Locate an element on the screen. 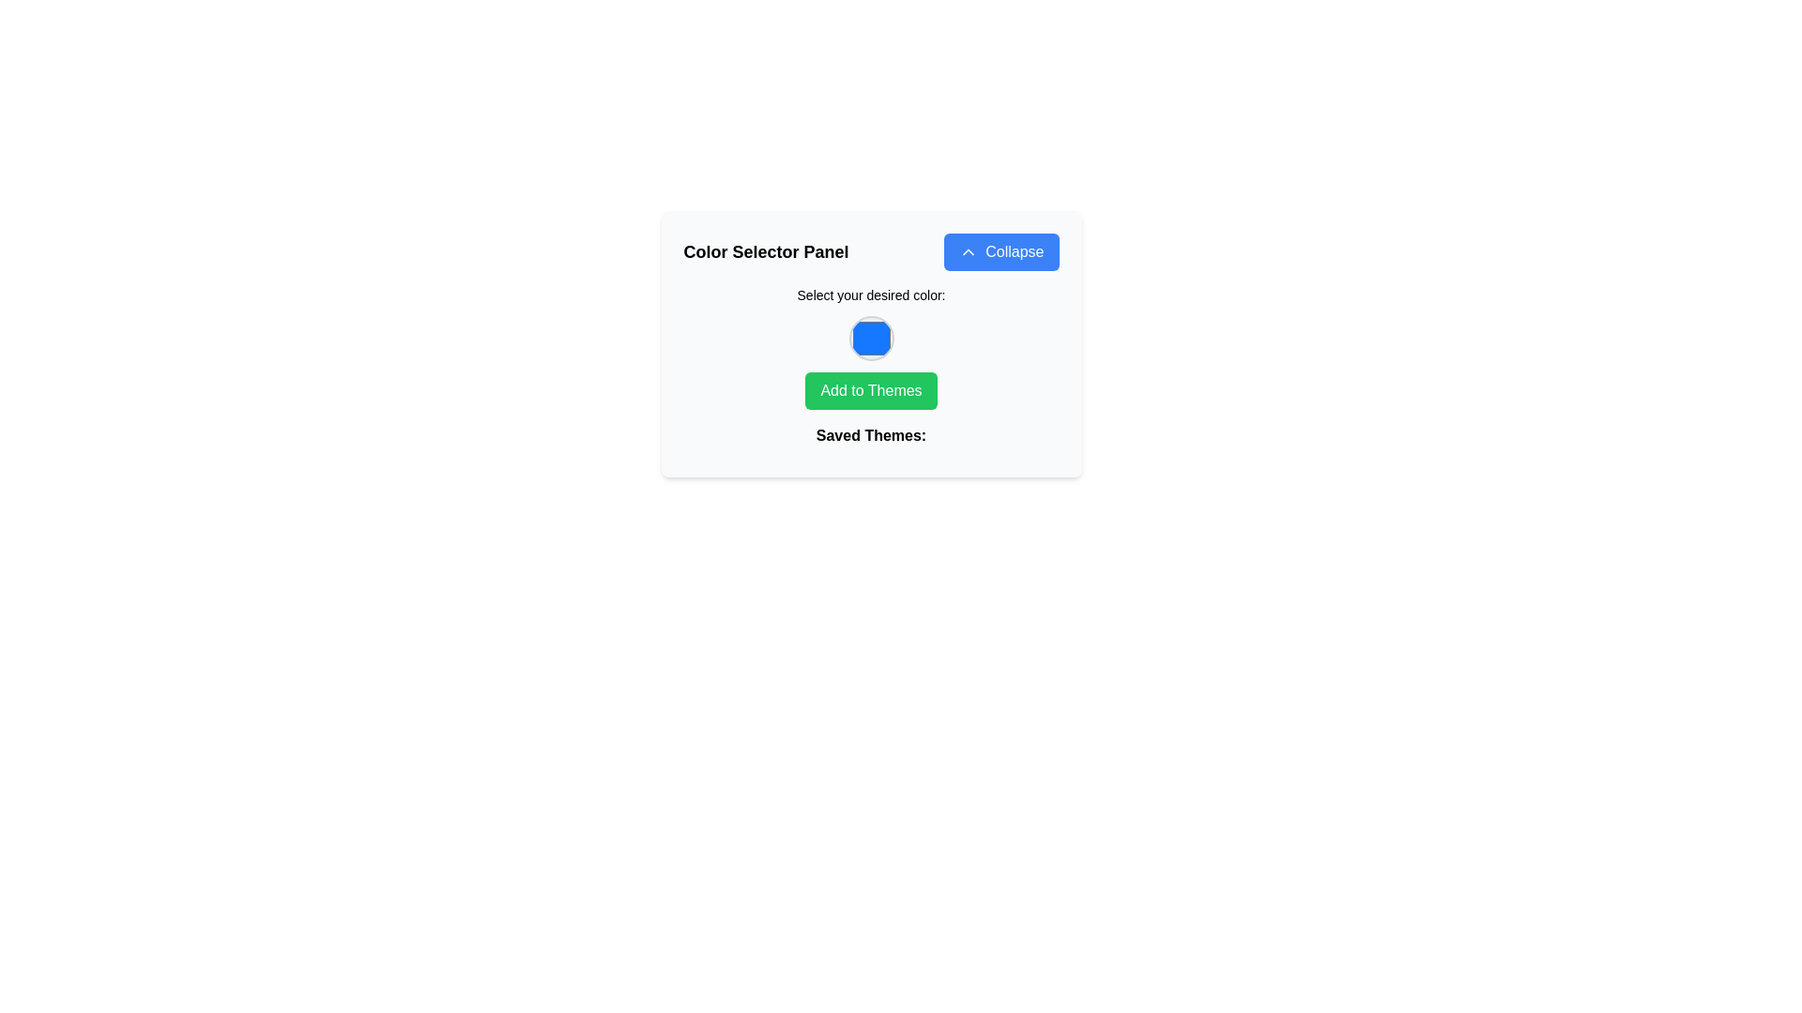 The height and width of the screenshot is (1013, 1802). and confirm the circular color button with a blue background located in the center of the 'Color Selector Panel' under the text 'Select your desired color:' and above the green 'Add to Themes' button is located at coordinates (870, 343).